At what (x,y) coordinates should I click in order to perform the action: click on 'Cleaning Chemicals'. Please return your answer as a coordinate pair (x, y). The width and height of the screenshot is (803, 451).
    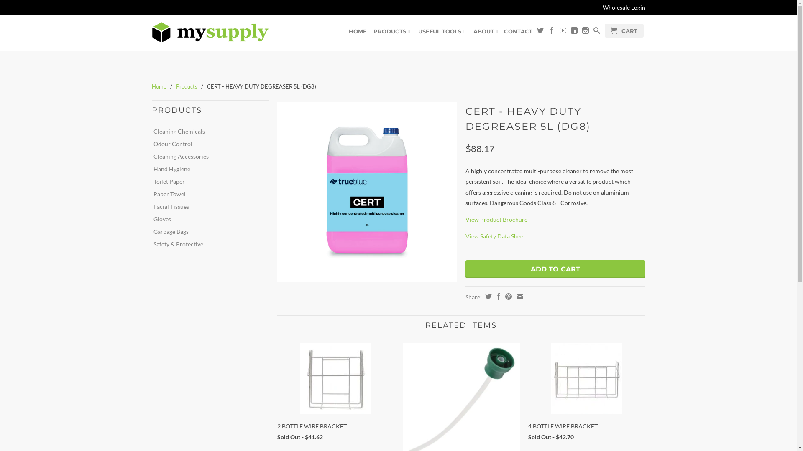
    Looking at the image, I should click on (207, 132).